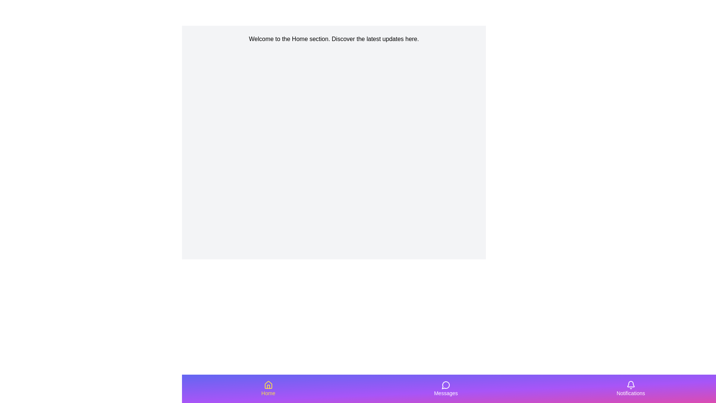 This screenshot has width=716, height=403. I want to click on the Decorative icon representing the 'Messages' section in the bottom navigation bar of the application, so click(446, 385).